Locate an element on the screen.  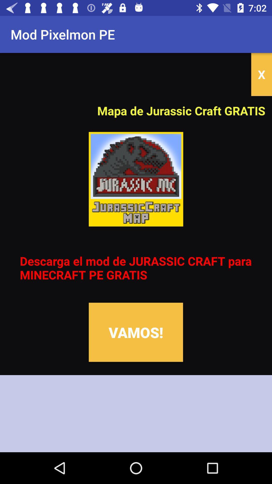
the icon below descarga el mod icon is located at coordinates (135, 332).